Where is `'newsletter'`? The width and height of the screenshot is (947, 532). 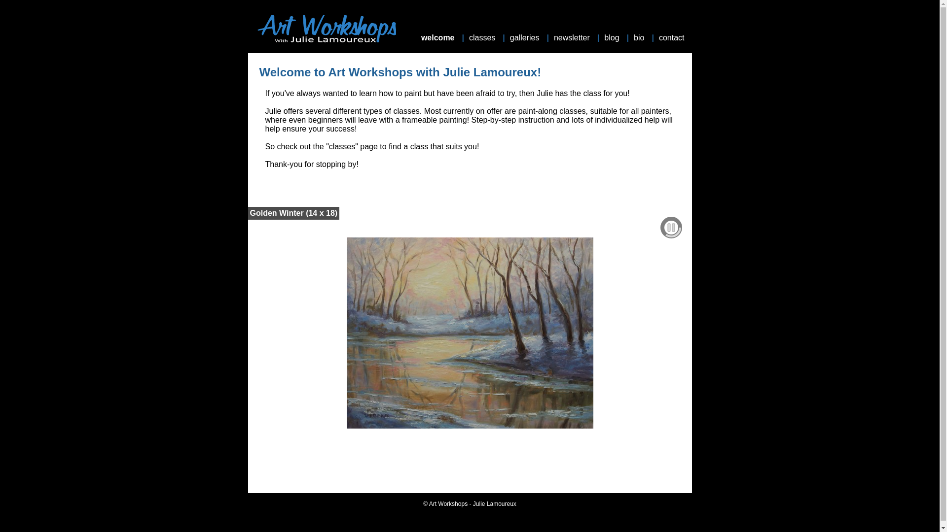 'newsletter' is located at coordinates (573, 37).